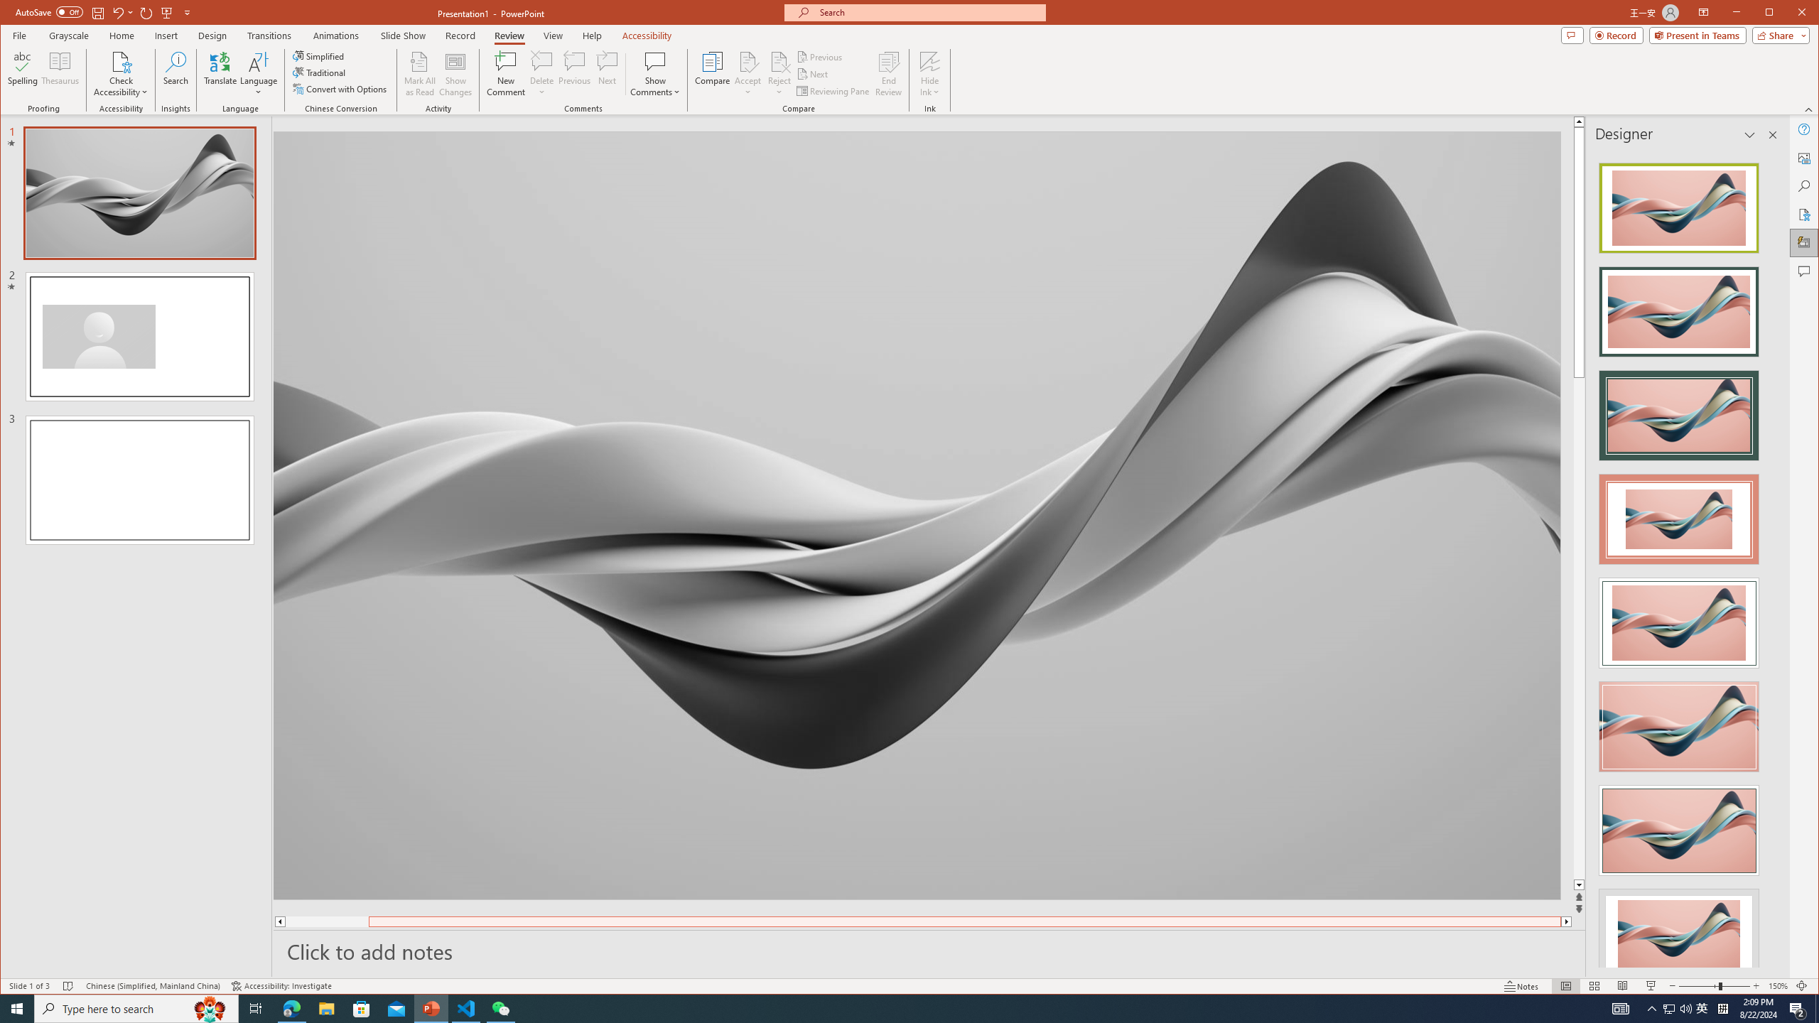 The image size is (1819, 1023). Describe the element at coordinates (747, 73) in the screenshot. I see `'Accept'` at that location.